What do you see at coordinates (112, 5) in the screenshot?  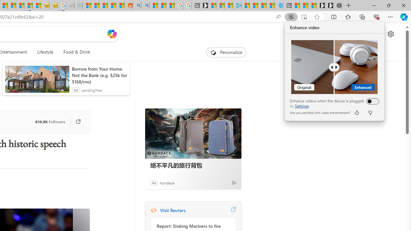 I see `'Student Loan Update: Forgiveness Program Ends This Month'` at bounding box center [112, 5].